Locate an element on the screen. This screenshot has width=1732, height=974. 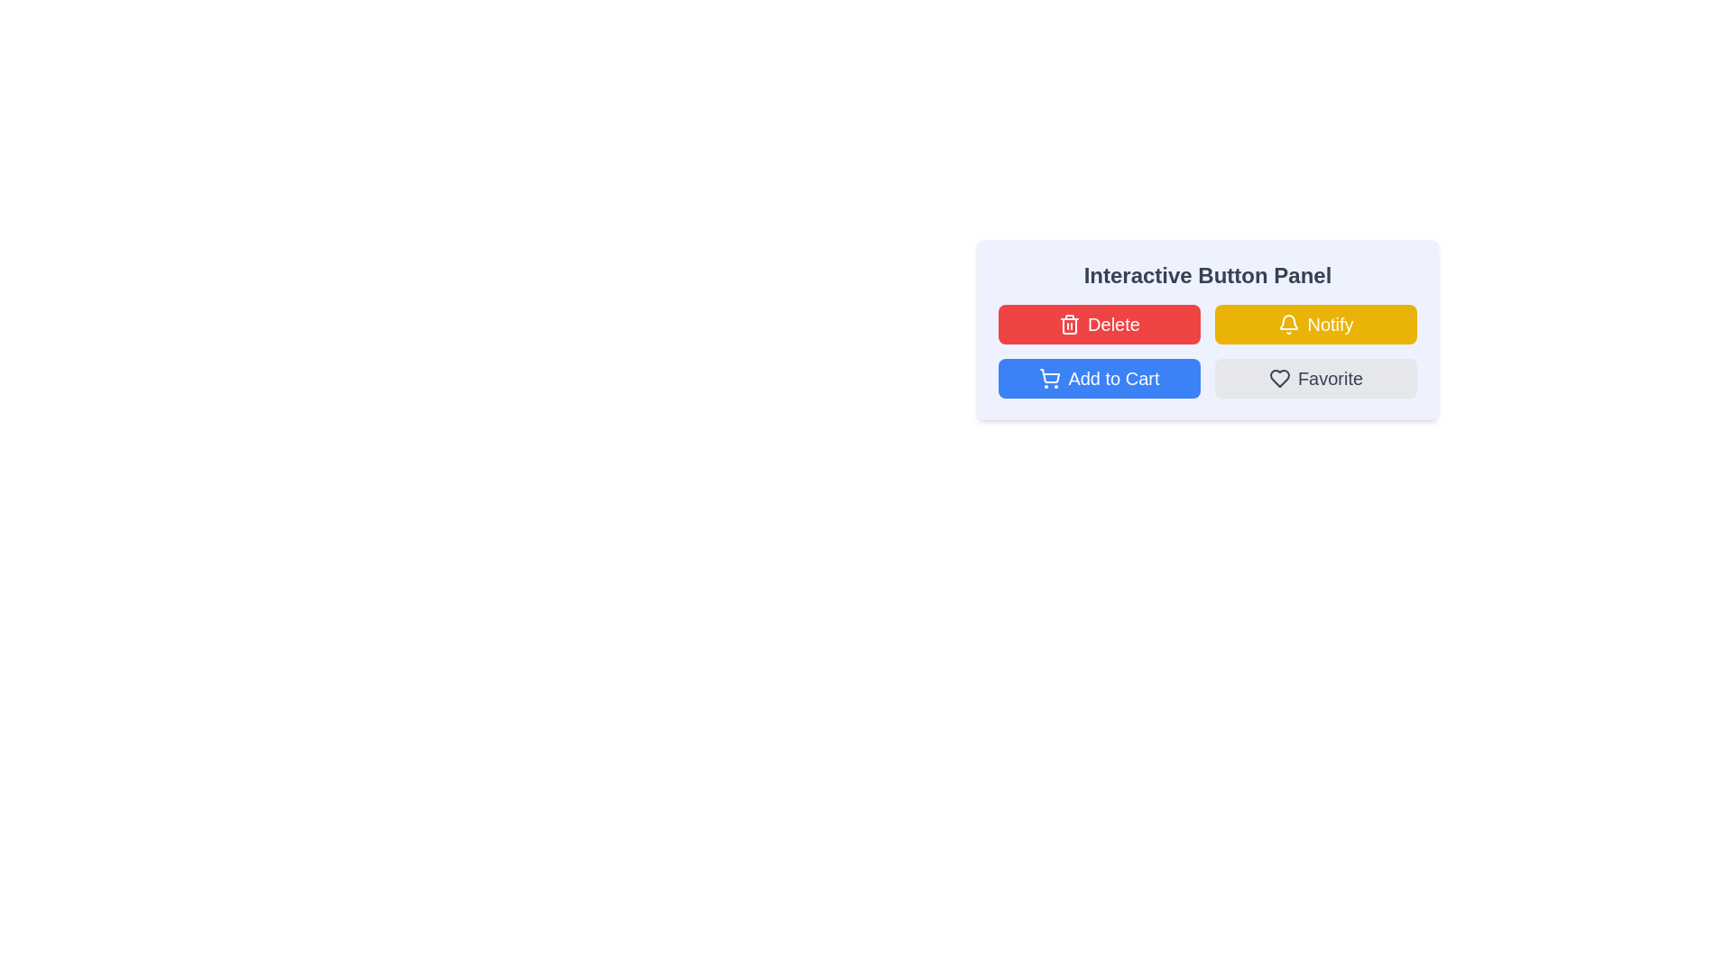
the SVG graphic icon that represents notifications on the 'Notify' button, located in the upper right corner of the button panel is located at coordinates (1288, 321).